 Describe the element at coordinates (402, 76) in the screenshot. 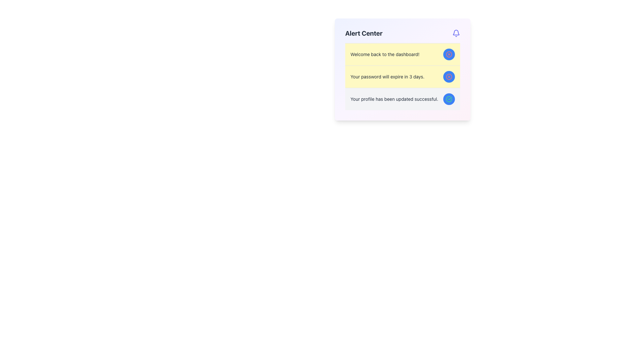

I see `the notification message box with a pale yellow background that states 'Your password will expire in 3 days.'` at that location.